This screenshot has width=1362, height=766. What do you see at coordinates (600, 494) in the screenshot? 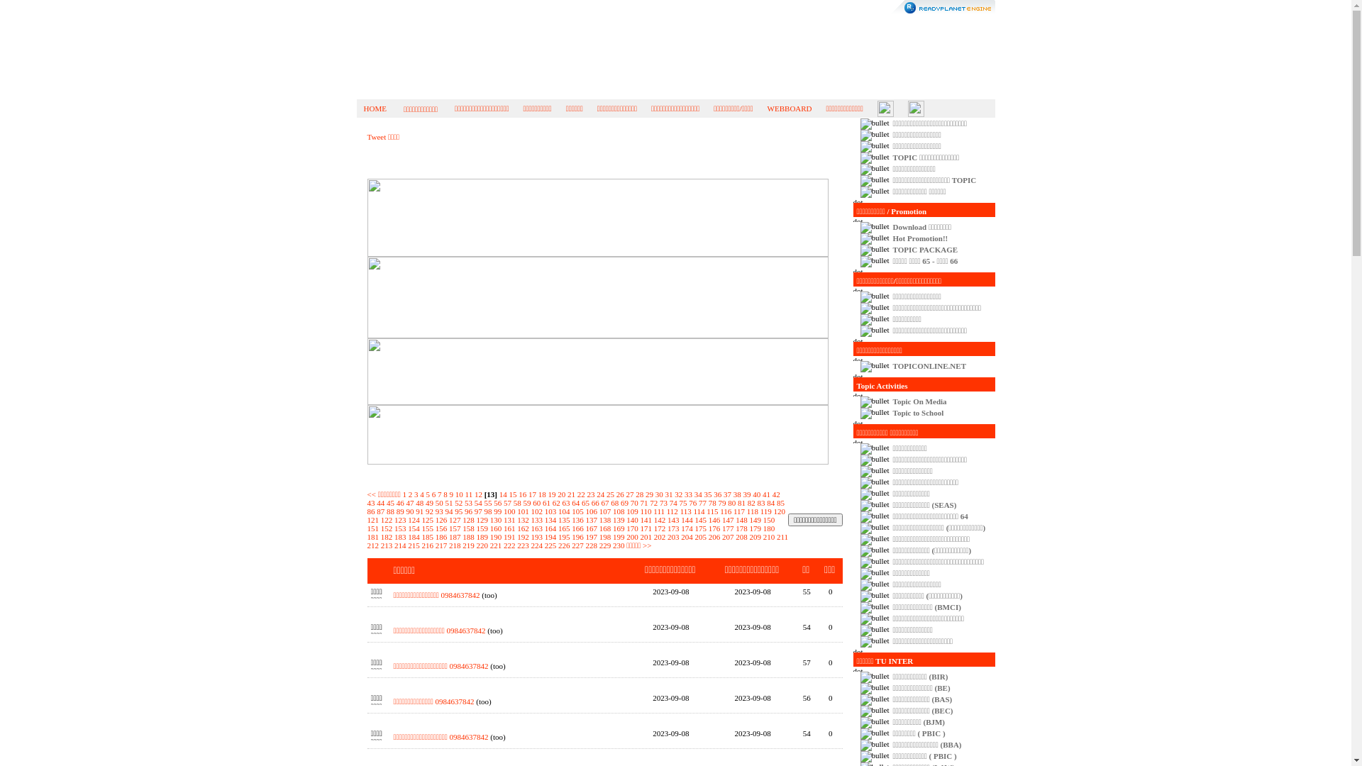
I see `'24'` at bounding box center [600, 494].